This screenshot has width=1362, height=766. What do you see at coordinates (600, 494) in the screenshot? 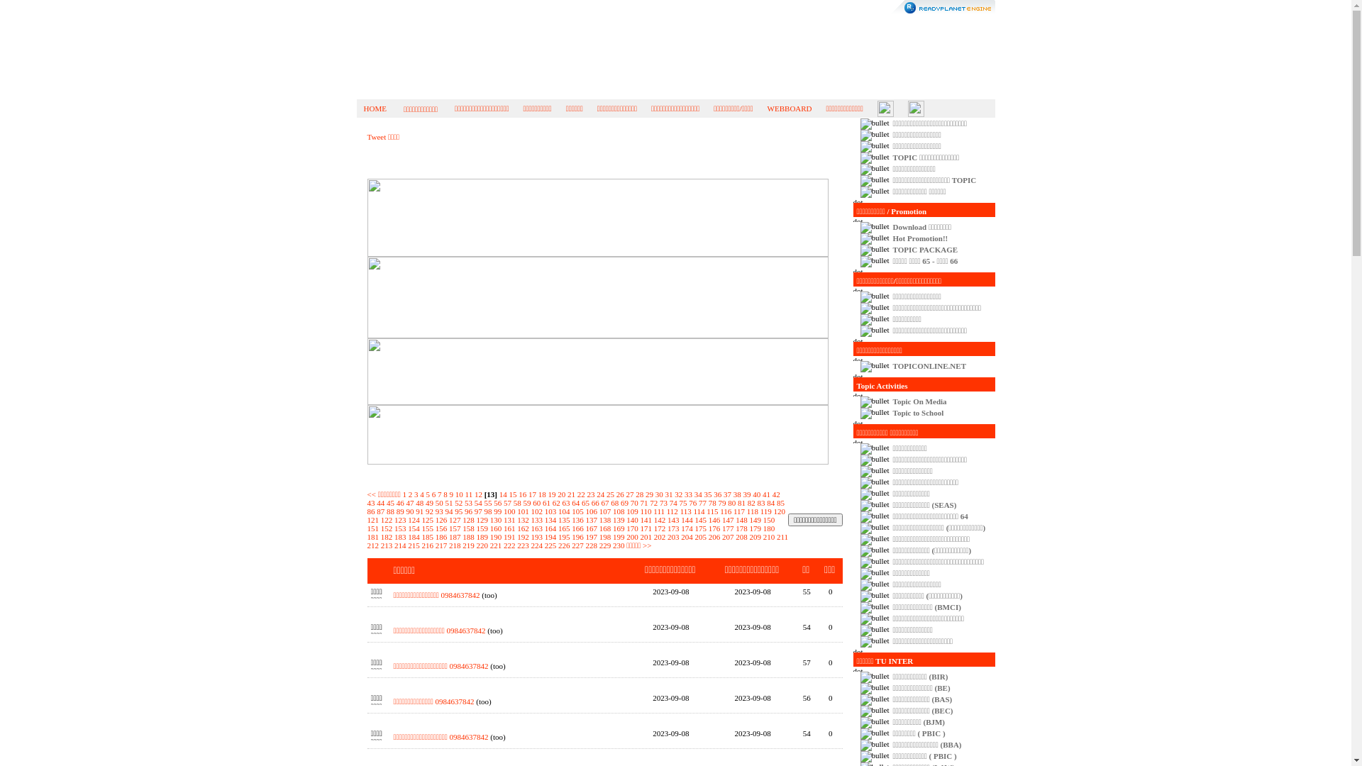
I see `'24'` at bounding box center [600, 494].